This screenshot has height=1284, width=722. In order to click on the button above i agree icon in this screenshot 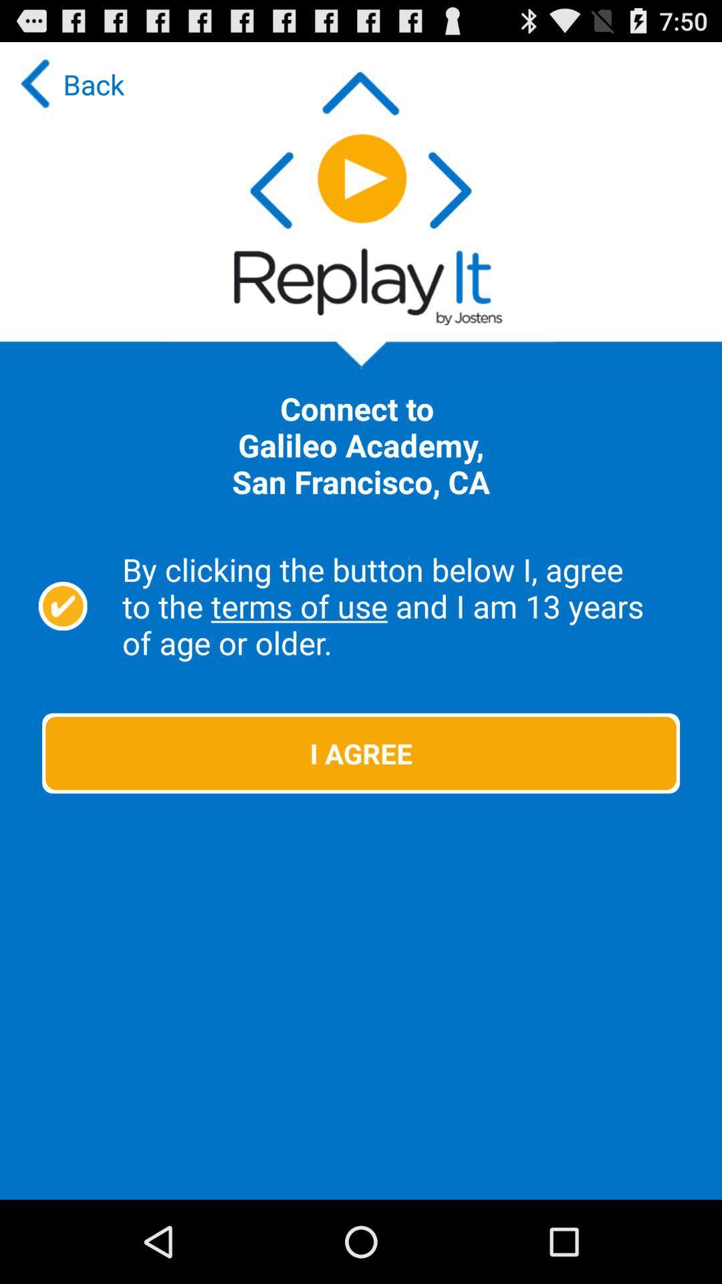, I will do `click(405, 605)`.